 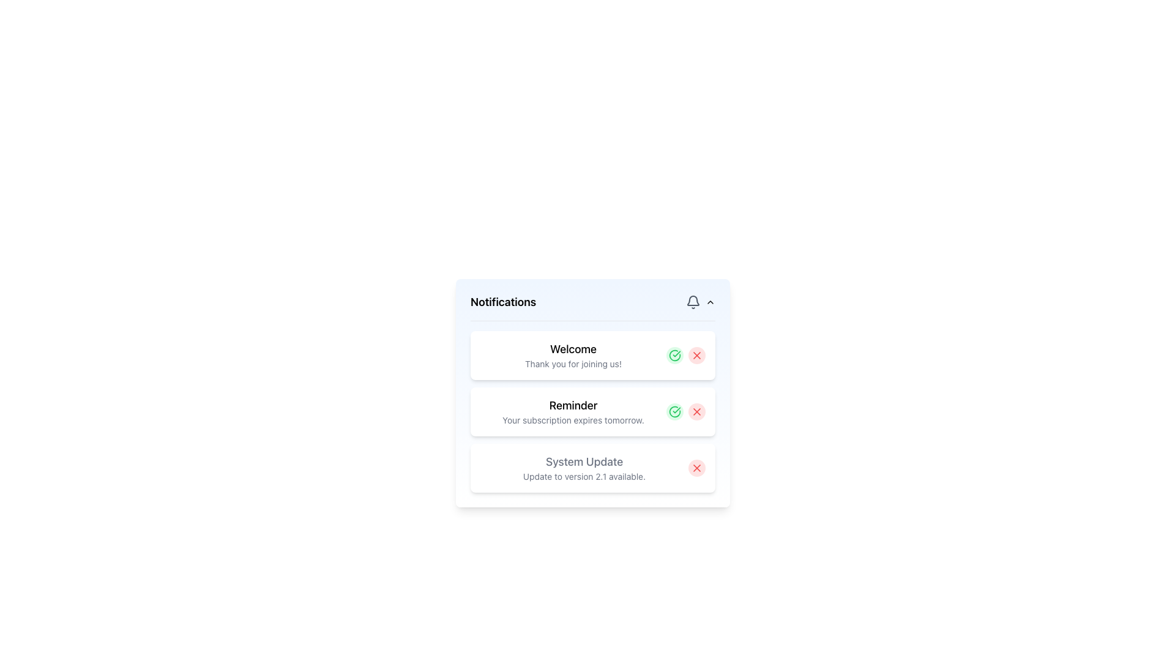 What do you see at coordinates (696, 411) in the screenshot?
I see `the second 'X' icon in the notification panel` at bounding box center [696, 411].